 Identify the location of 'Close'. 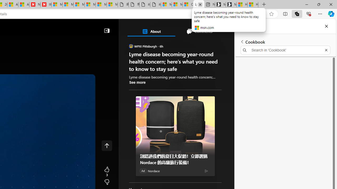
(326, 26).